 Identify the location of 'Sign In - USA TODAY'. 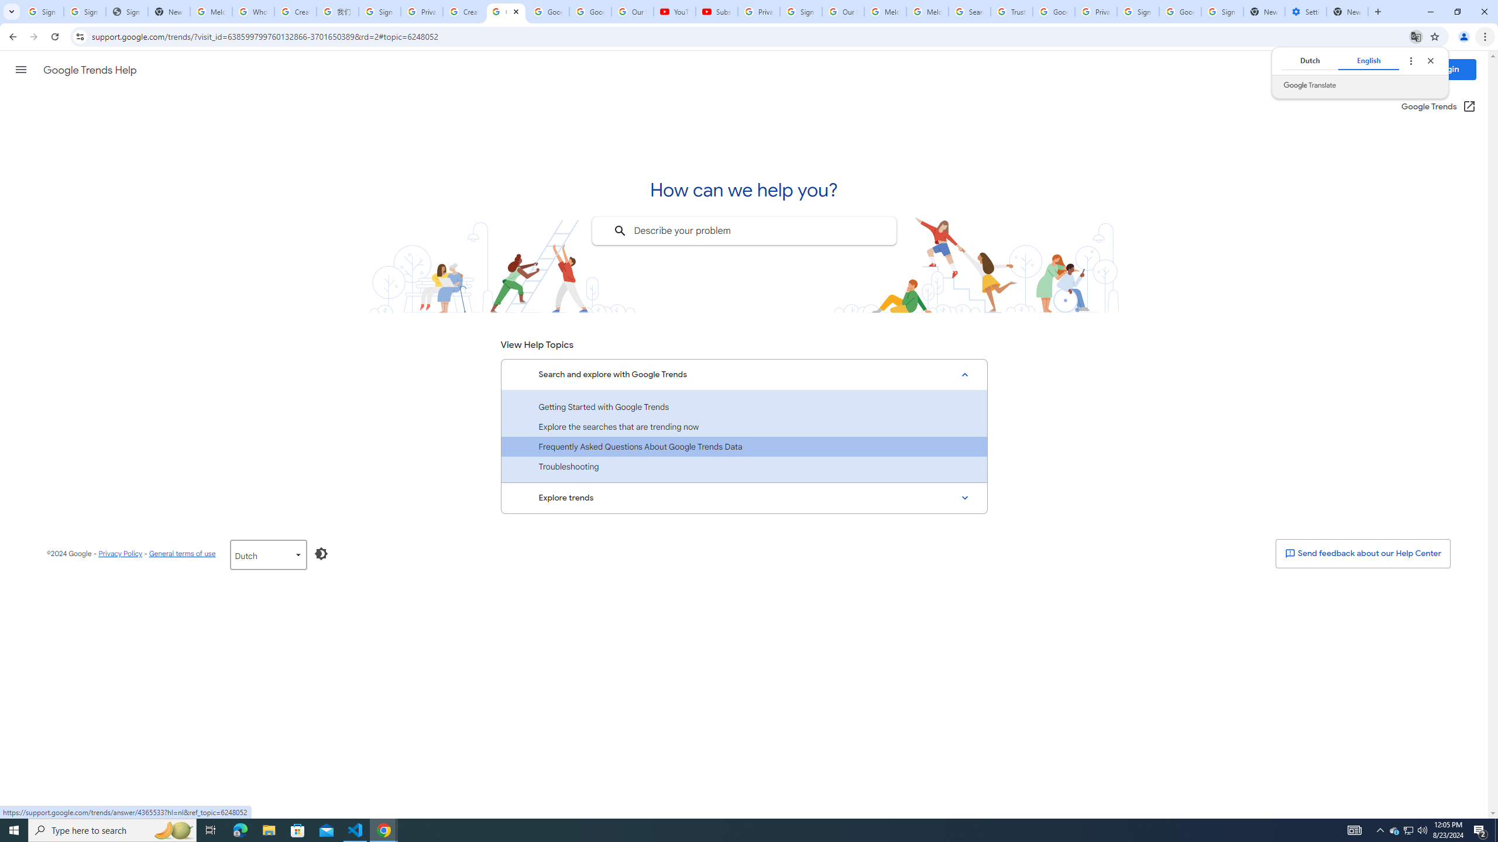
(126, 11).